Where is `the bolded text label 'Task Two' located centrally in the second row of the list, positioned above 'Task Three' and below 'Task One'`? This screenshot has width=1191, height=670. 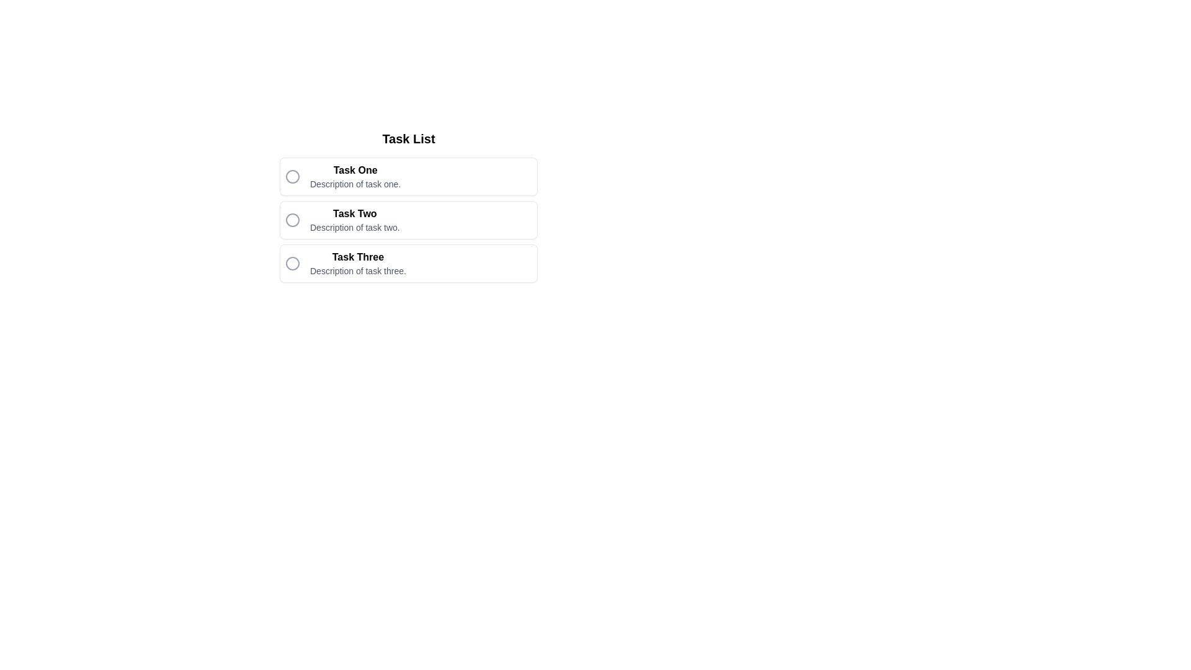
the bolded text label 'Task Two' located centrally in the second row of the list, positioned above 'Task Three' and below 'Task One' is located at coordinates (354, 213).